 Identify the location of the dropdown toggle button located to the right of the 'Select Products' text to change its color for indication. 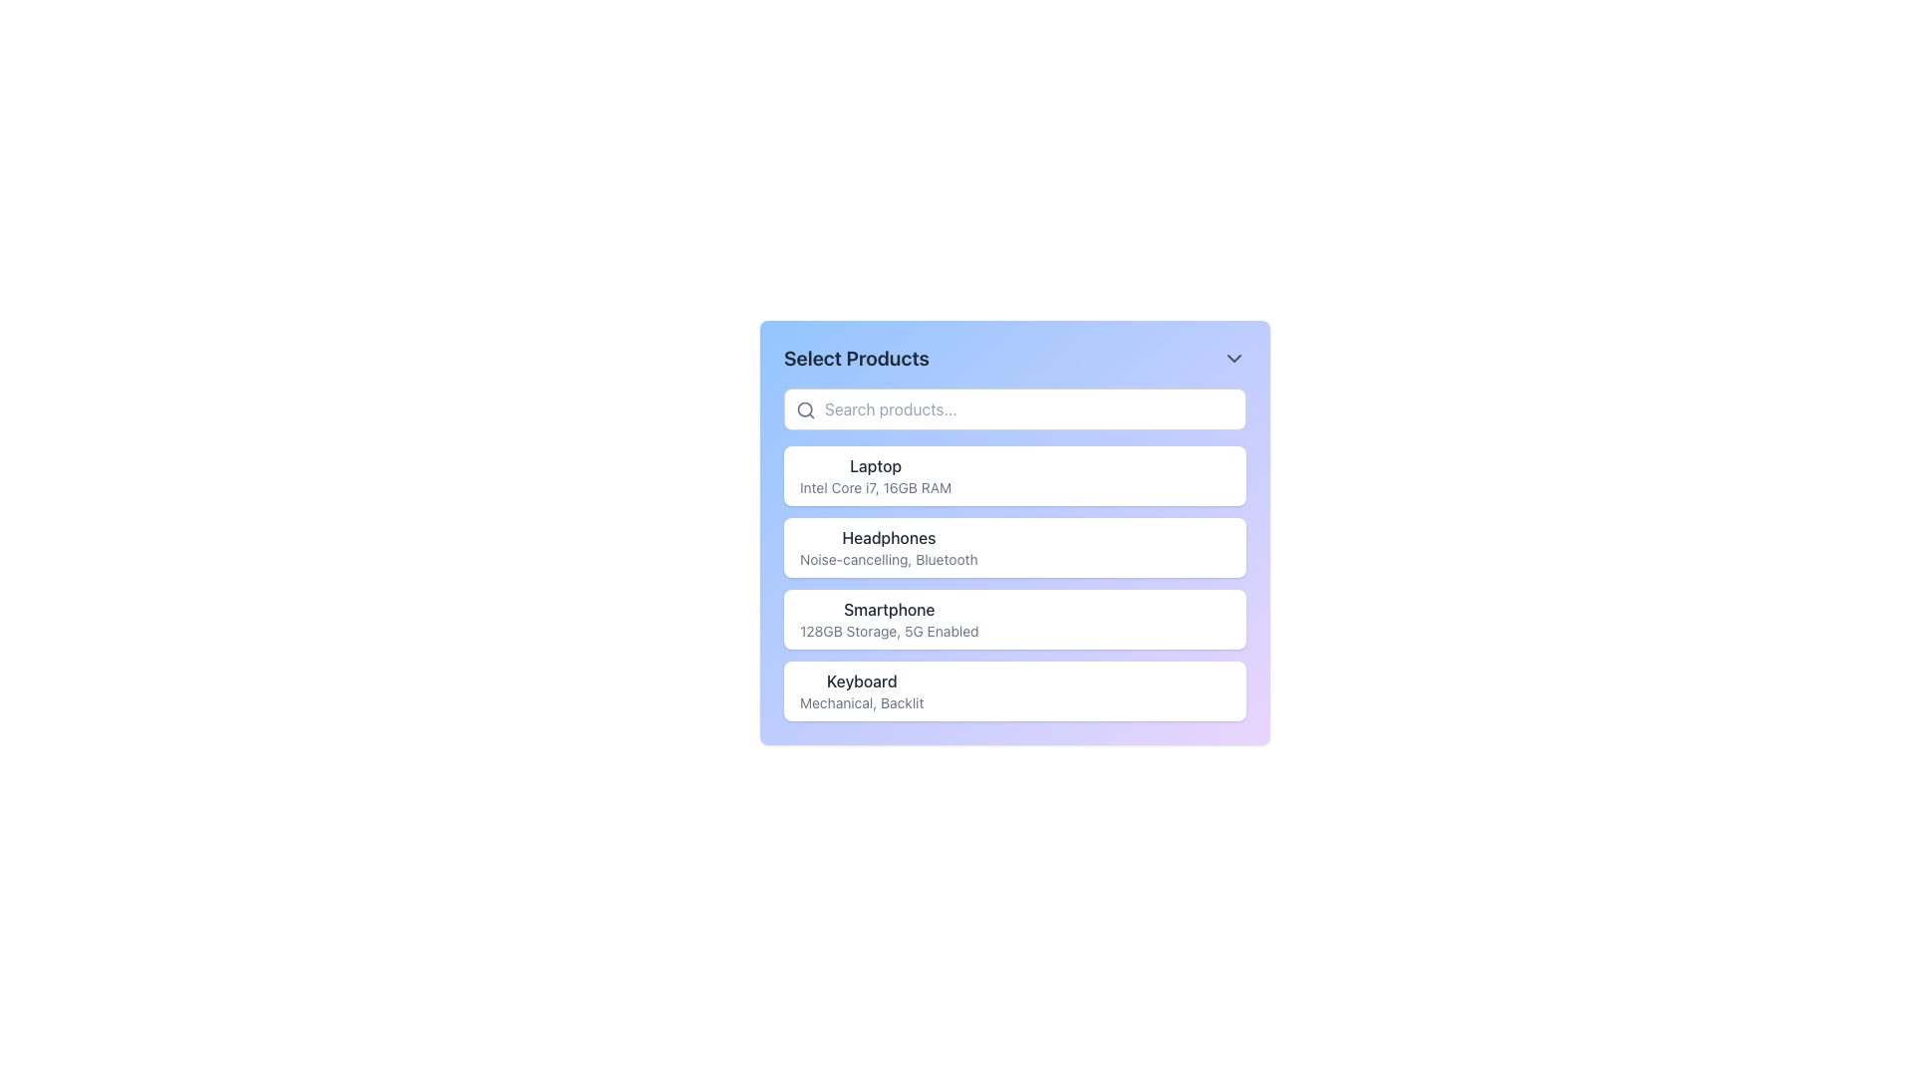
(1232, 357).